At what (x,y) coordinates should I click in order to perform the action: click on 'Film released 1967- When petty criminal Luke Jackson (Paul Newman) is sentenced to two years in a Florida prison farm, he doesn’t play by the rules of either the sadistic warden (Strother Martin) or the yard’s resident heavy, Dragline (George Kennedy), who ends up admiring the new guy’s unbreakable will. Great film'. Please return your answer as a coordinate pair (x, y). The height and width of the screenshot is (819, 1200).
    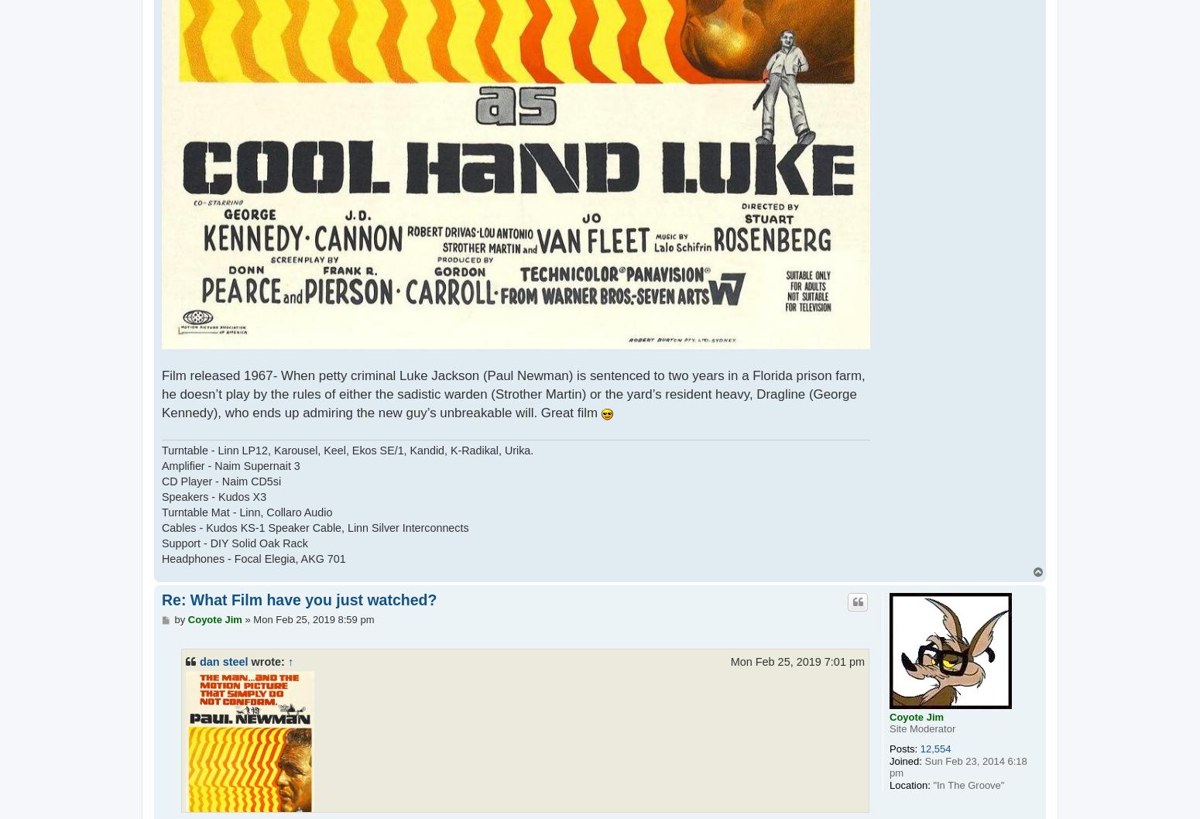
    Looking at the image, I should click on (512, 393).